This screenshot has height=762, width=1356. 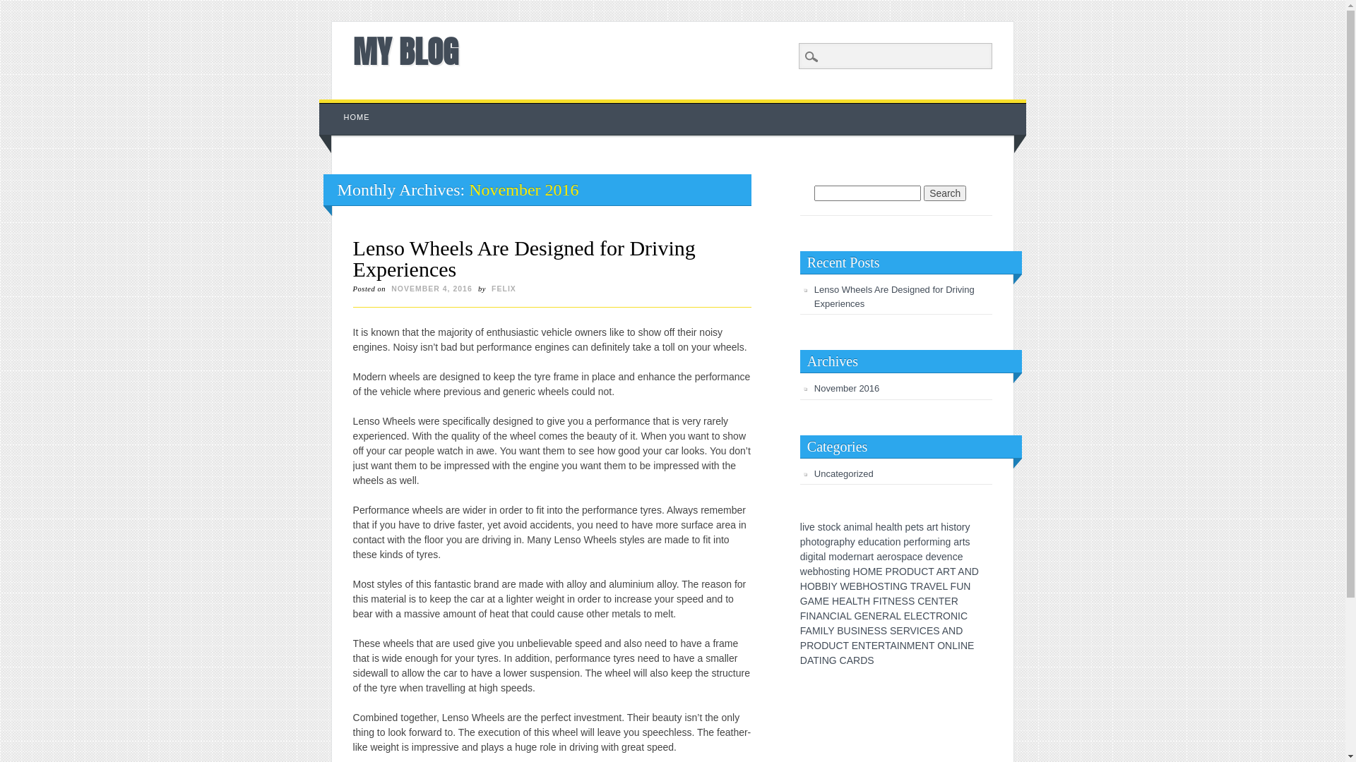 I want to click on 'H', so click(x=864, y=586).